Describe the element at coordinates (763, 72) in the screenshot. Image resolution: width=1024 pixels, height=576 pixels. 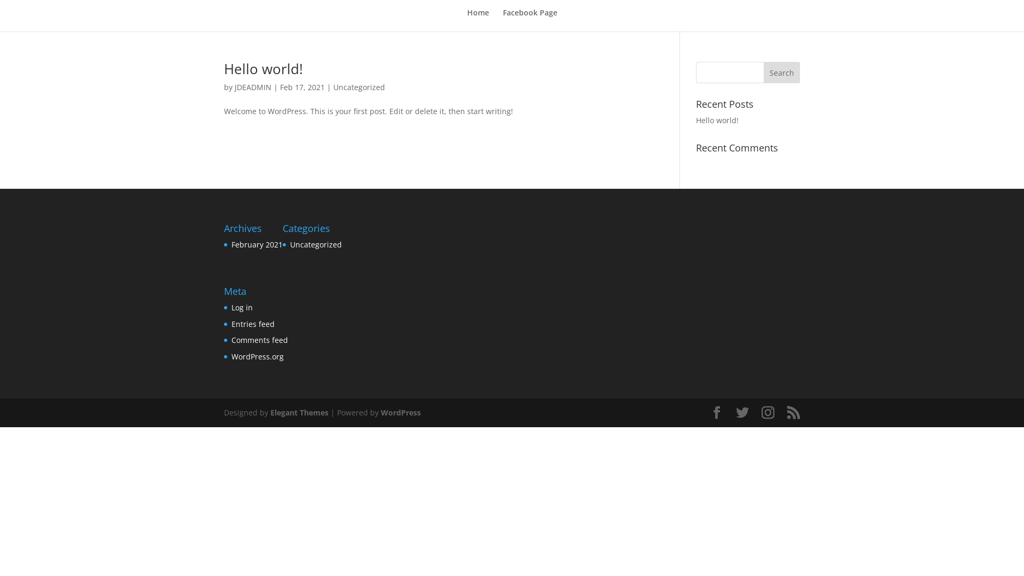
I see `'Search'` at that location.